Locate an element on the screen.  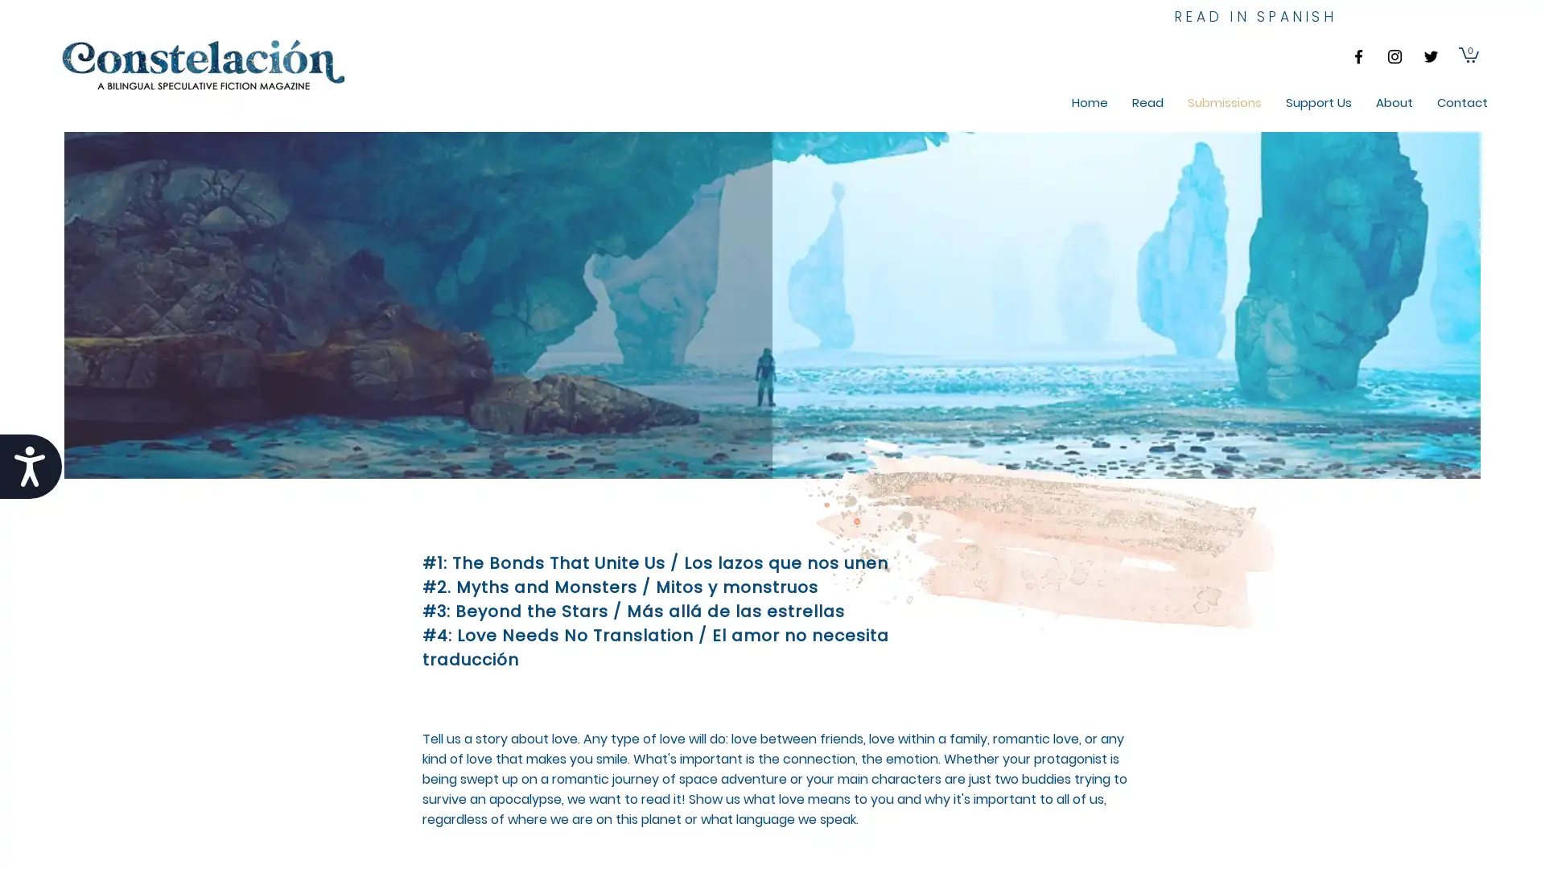
Cart with 0 items is located at coordinates (1469, 52).